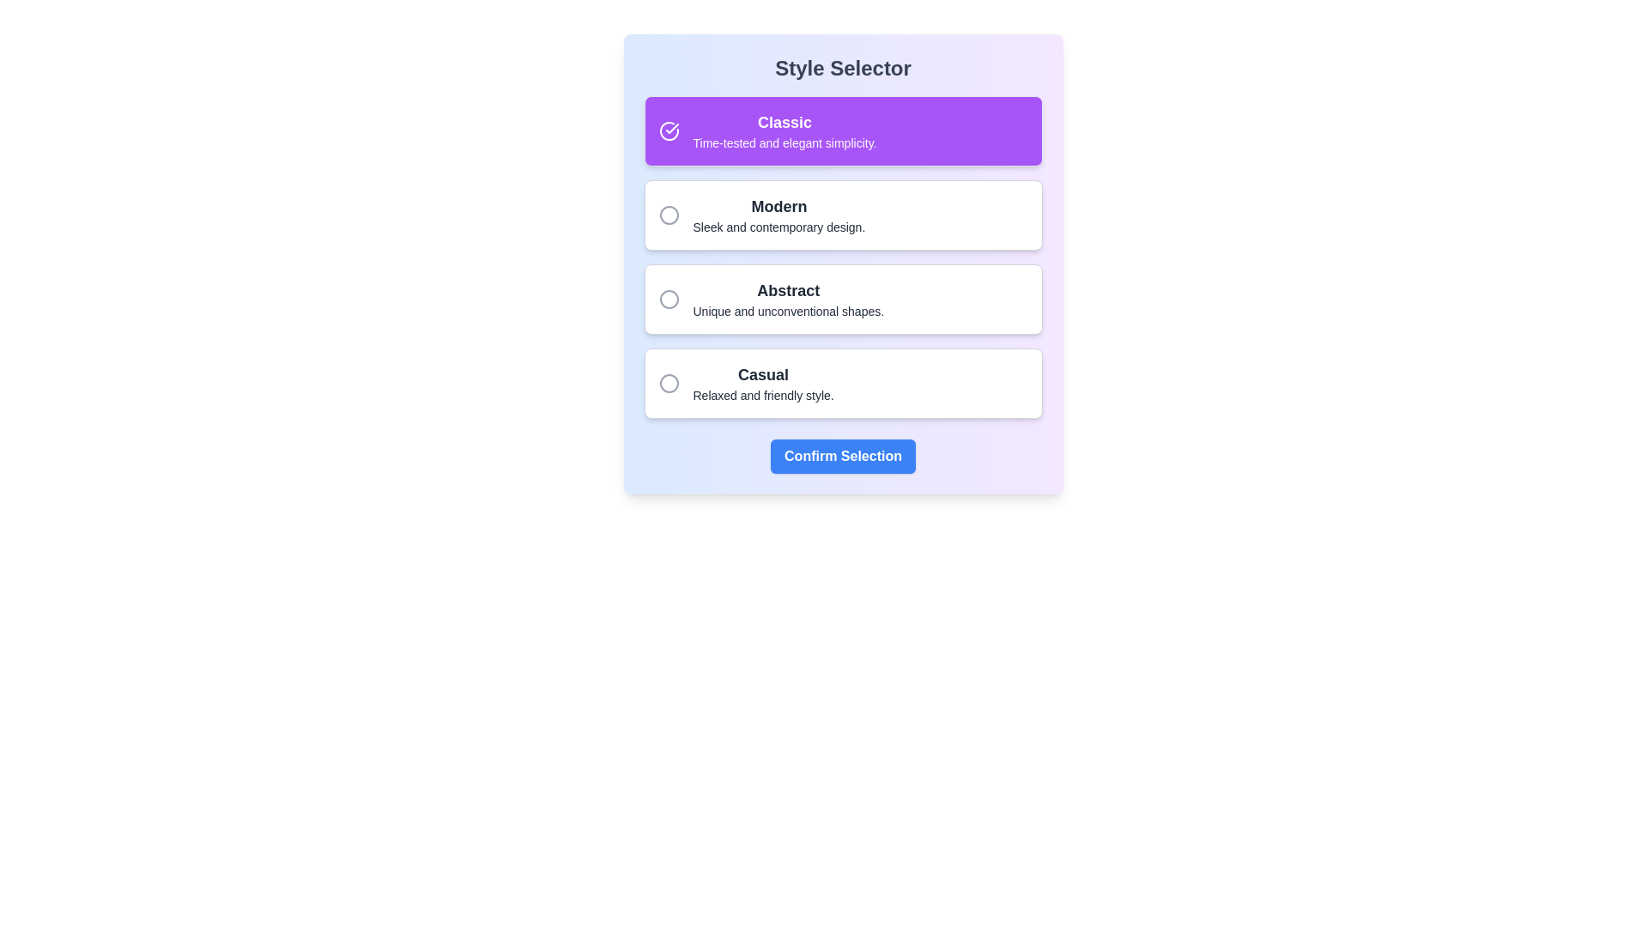 Image resolution: width=1648 pixels, height=927 pixels. What do you see at coordinates (668, 130) in the screenshot?
I see `the circular icon with a check mark inside, which is part of the 'Classic' style option in the style selector group` at bounding box center [668, 130].